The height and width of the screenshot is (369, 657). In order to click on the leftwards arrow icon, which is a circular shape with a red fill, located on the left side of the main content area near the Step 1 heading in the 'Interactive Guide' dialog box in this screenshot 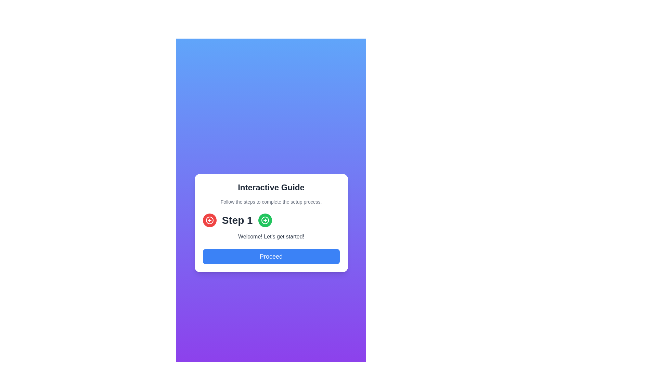, I will do `click(209, 220)`.